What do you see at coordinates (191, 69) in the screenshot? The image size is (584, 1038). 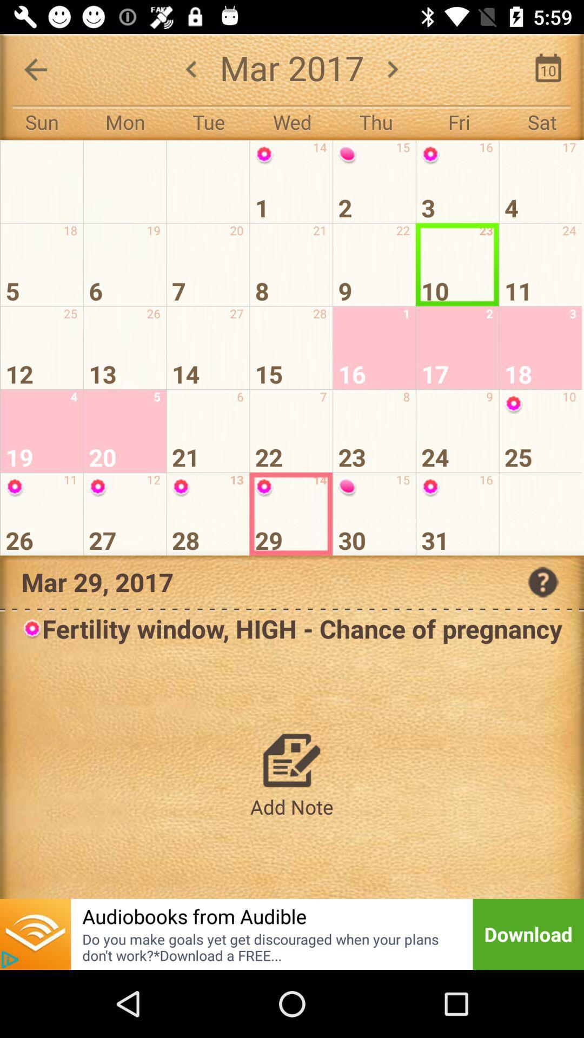 I see `the arrow_backward icon` at bounding box center [191, 69].